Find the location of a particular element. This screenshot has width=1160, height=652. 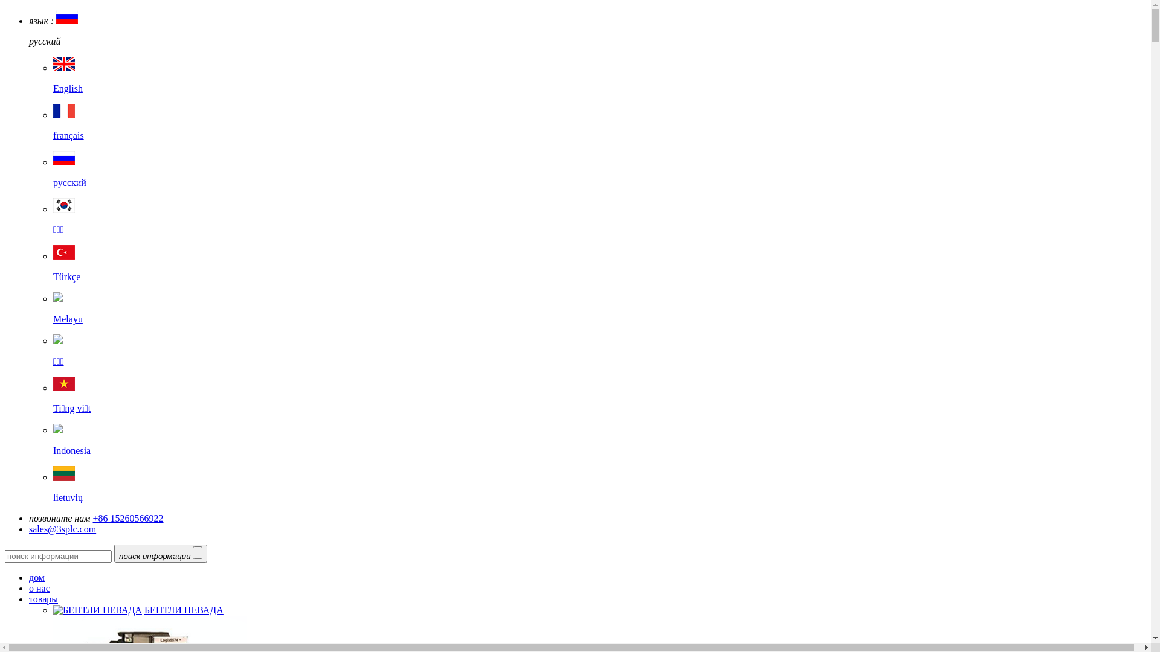

'Indonesia' is located at coordinates (52, 440).